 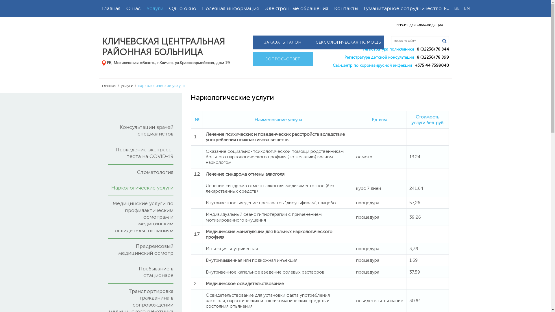 What do you see at coordinates (456, 8) in the screenshot?
I see `'BE'` at bounding box center [456, 8].